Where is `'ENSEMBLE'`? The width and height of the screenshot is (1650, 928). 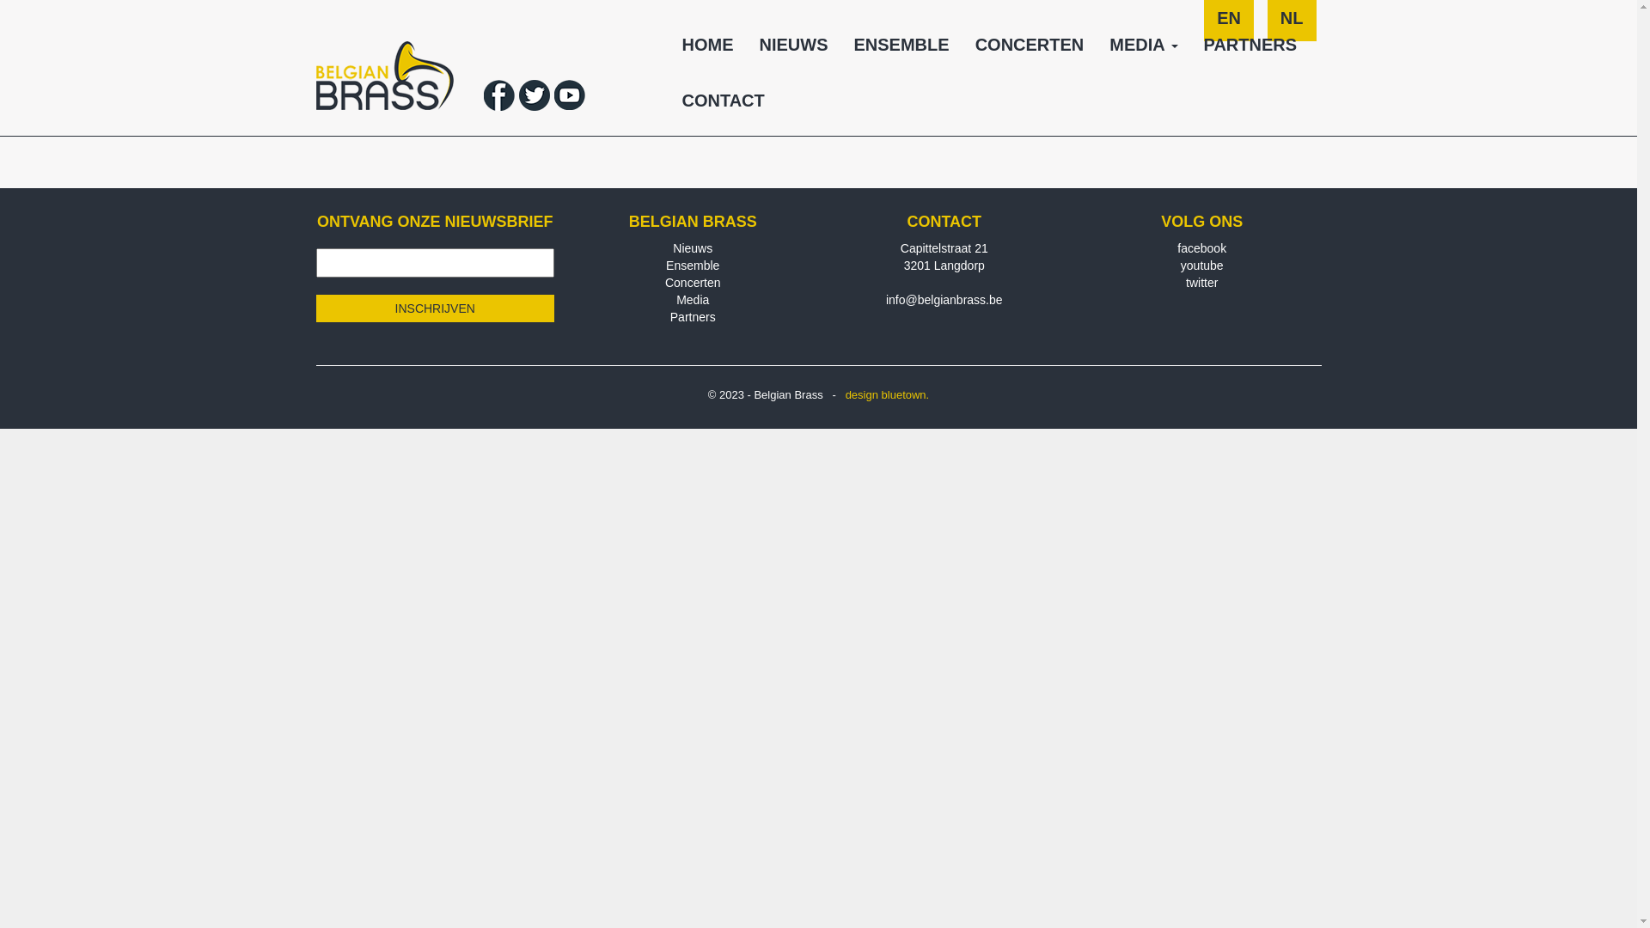
'ENSEMBLE' is located at coordinates (900, 50).